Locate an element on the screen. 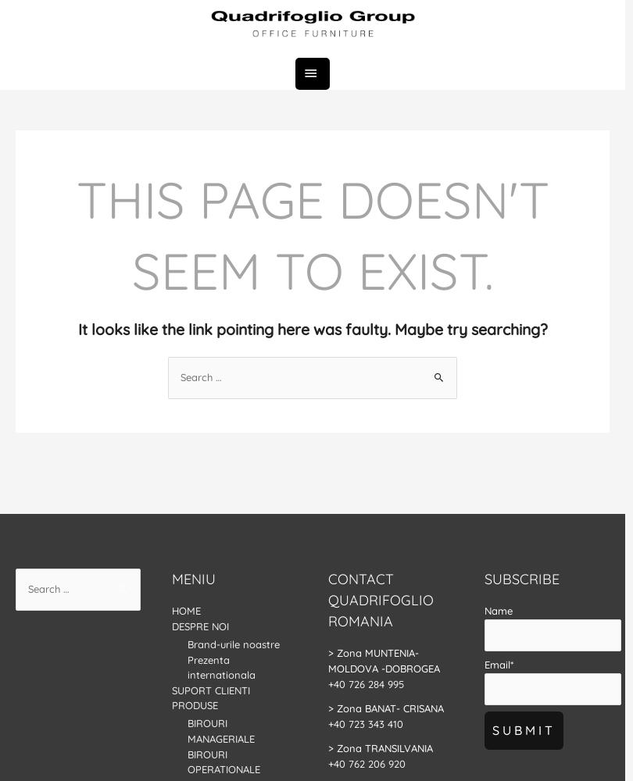 The height and width of the screenshot is (781, 633). '+40 723 343 410' is located at coordinates (366, 723).